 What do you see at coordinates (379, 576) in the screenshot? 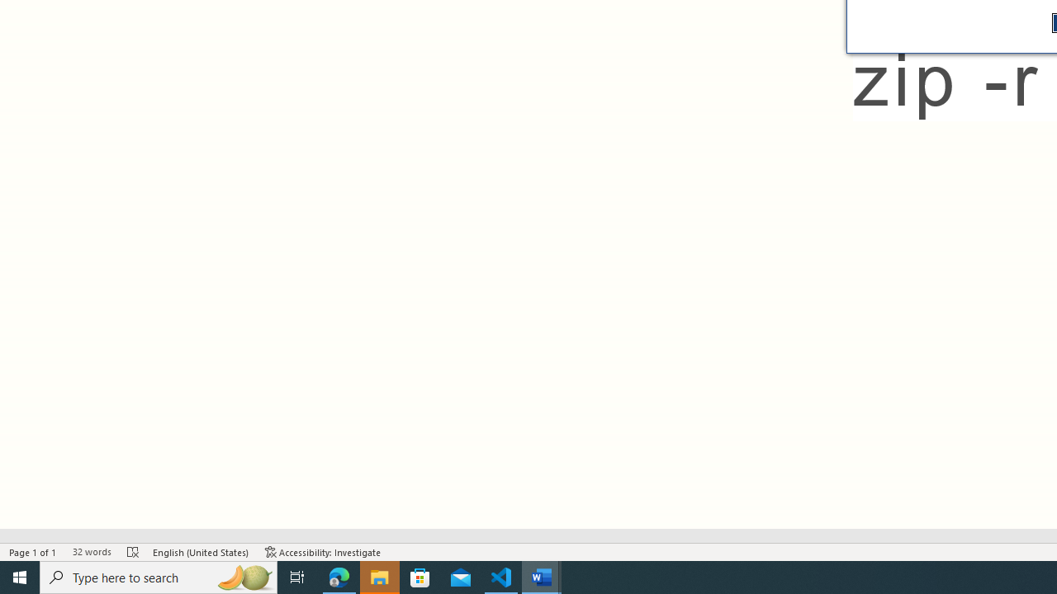
I see `'File Explorer - 1 running window'` at bounding box center [379, 576].